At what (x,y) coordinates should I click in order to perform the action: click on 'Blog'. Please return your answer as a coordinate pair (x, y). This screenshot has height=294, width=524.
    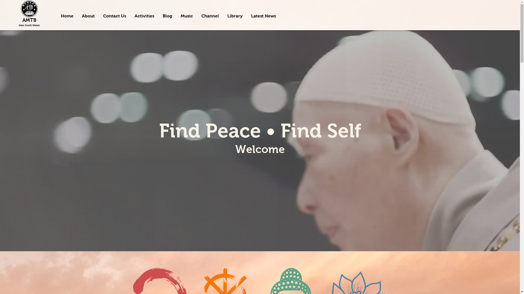
    Looking at the image, I should click on (158, 16).